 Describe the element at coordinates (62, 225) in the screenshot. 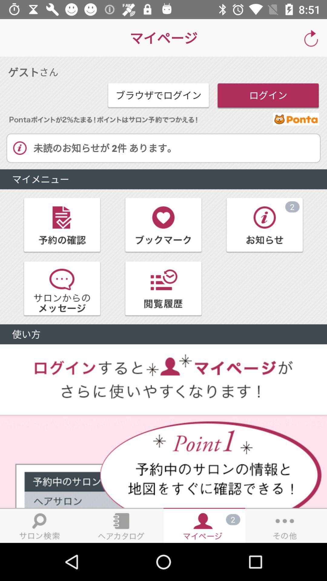

I see `the videocam icon` at that location.